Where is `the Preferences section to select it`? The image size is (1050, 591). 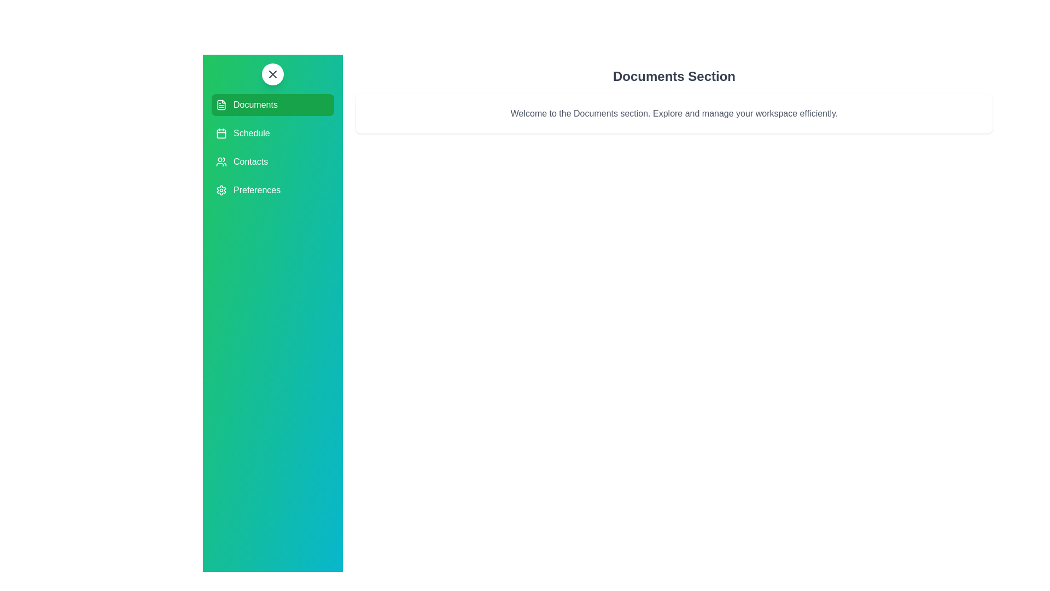
the Preferences section to select it is located at coordinates (273, 189).